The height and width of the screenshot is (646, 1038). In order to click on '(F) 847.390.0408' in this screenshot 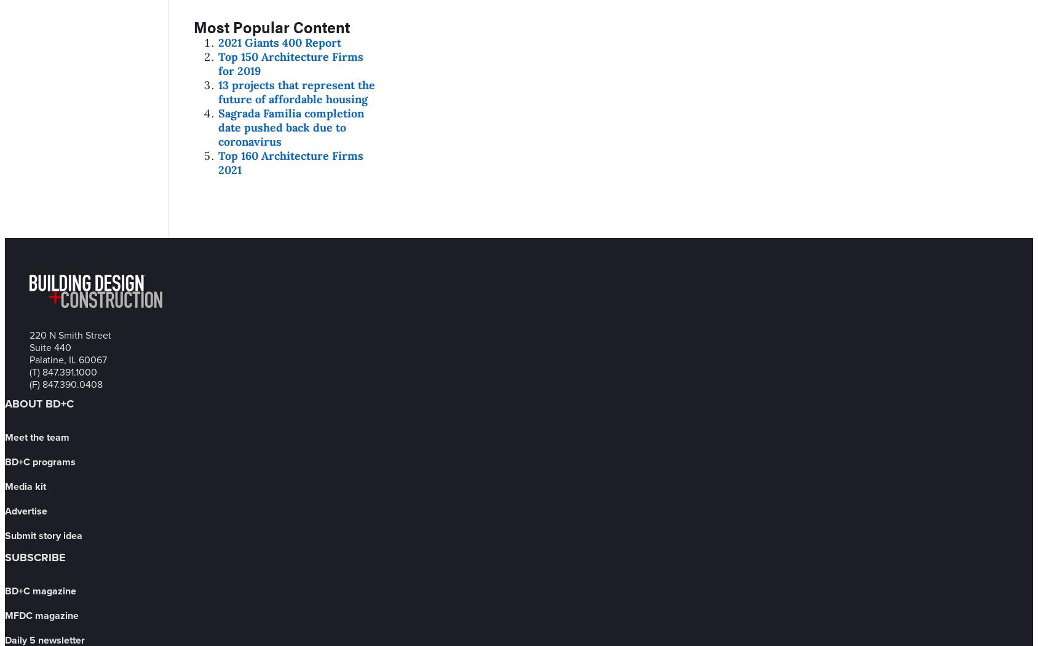, I will do `click(66, 384)`.